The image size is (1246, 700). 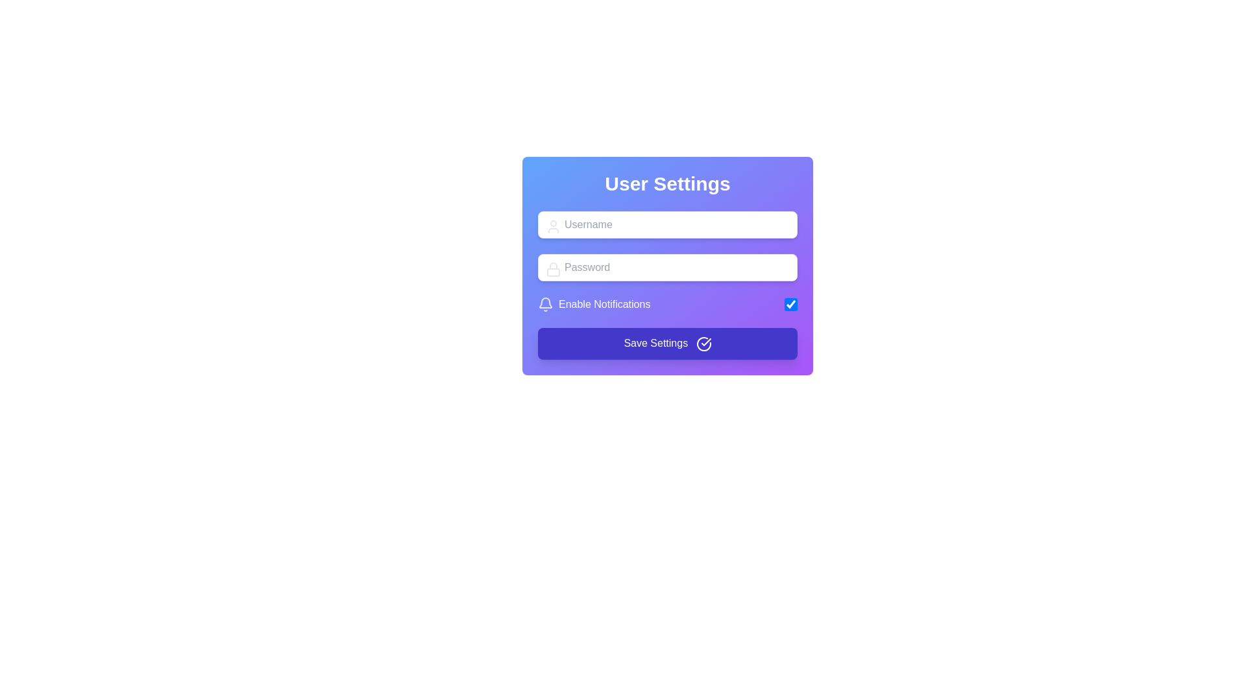 What do you see at coordinates (604, 305) in the screenshot?
I see `text label displaying 'Enable Notifications', which is located below the 'Password' field in the 'User Settings' modal and is visually distinguished by its white font on a purple gradient background` at bounding box center [604, 305].